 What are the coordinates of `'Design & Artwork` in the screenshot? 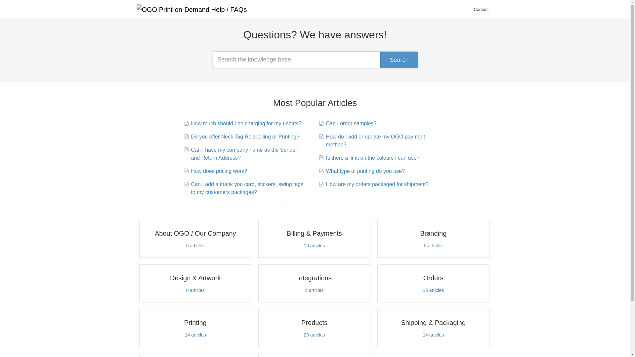 It's located at (195, 283).